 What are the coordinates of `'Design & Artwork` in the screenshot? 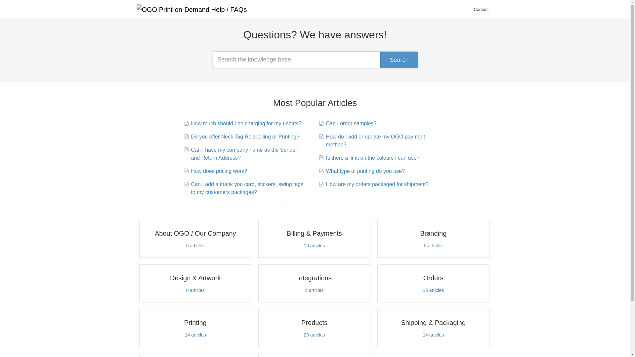 It's located at (195, 283).